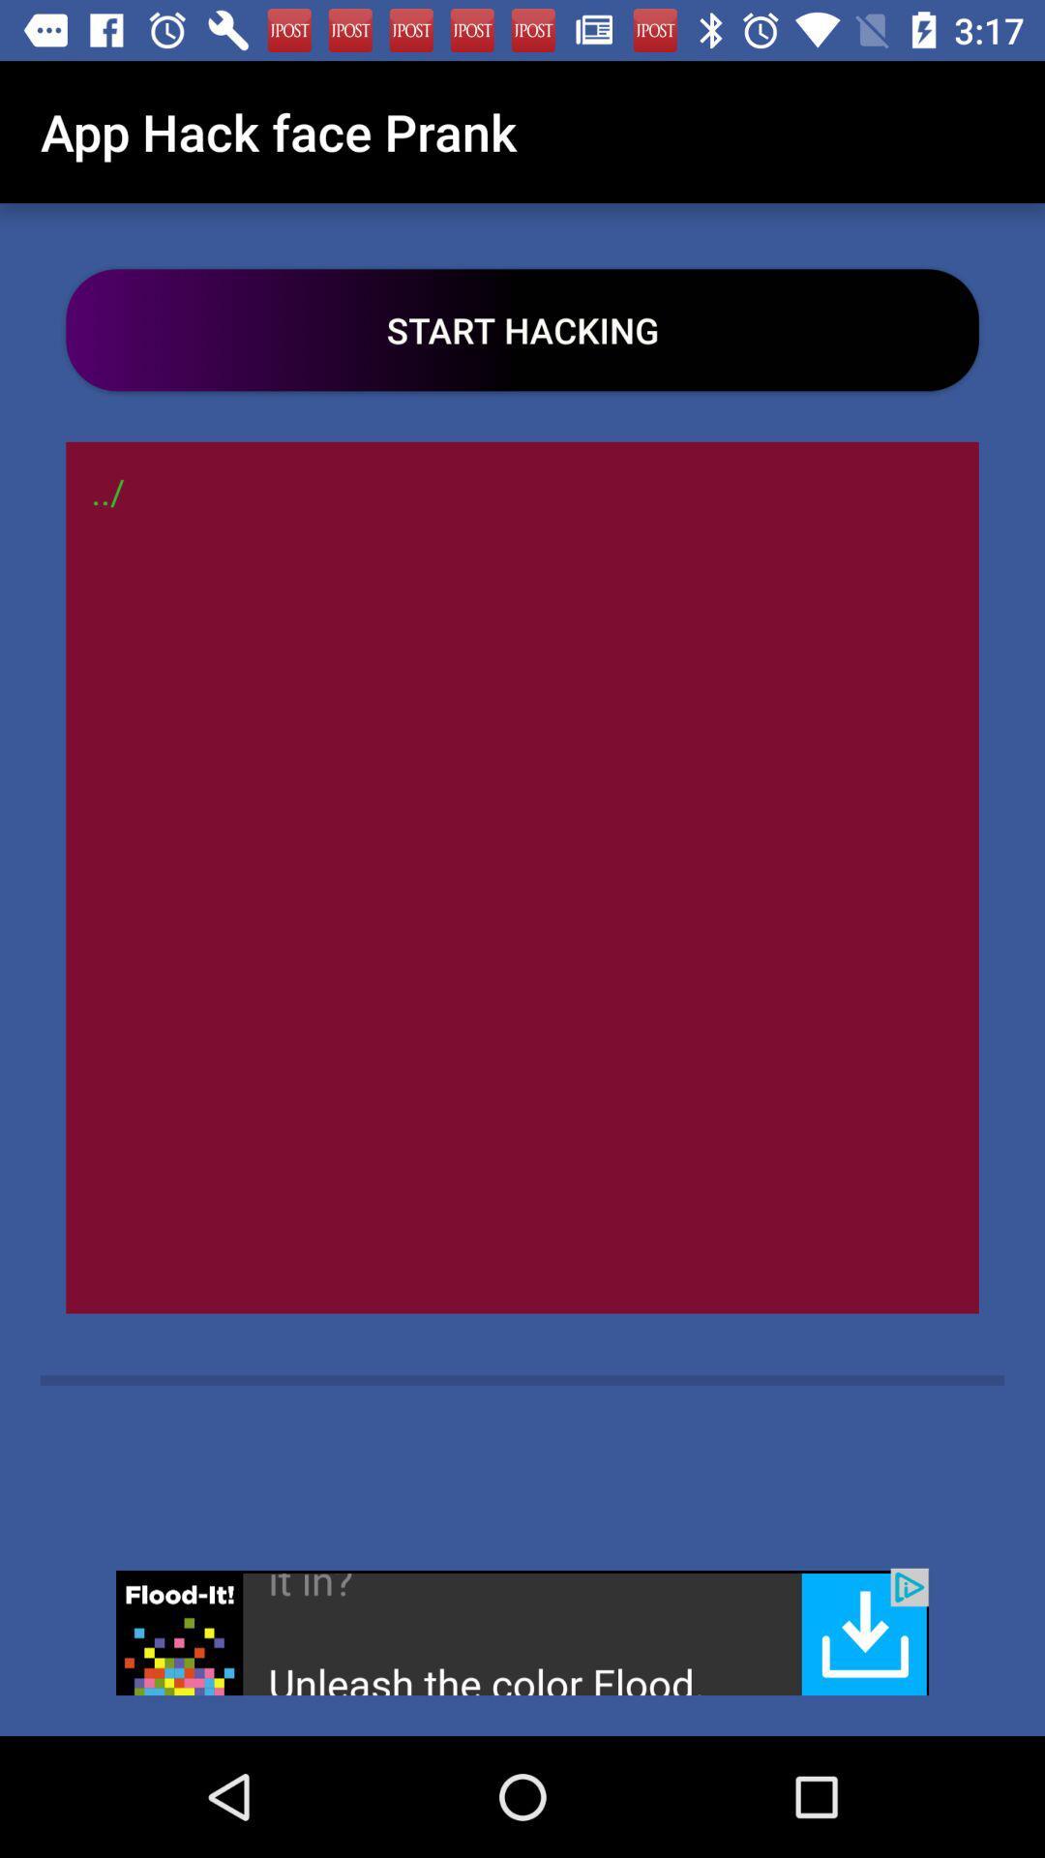  I want to click on downloading, so click(522, 1631).